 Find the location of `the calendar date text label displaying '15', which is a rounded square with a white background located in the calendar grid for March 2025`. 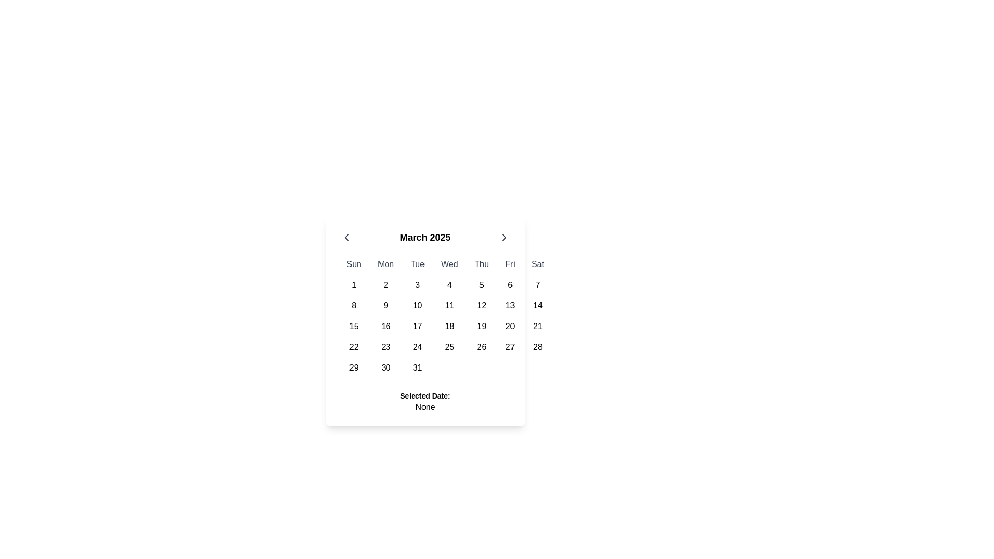

the calendar date text label displaying '15', which is a rounded square with a white background located in the calendar grid for March 2025 is located at coordinates (354, 327).